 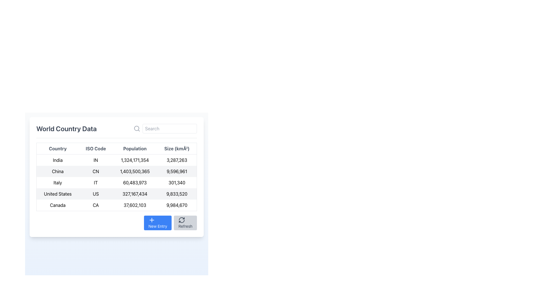 I want to click on the circular arrow icon representing a refresh action located within the 'Refresh' button at the bottom-right corner of the interface, so click(x=182, y=220).